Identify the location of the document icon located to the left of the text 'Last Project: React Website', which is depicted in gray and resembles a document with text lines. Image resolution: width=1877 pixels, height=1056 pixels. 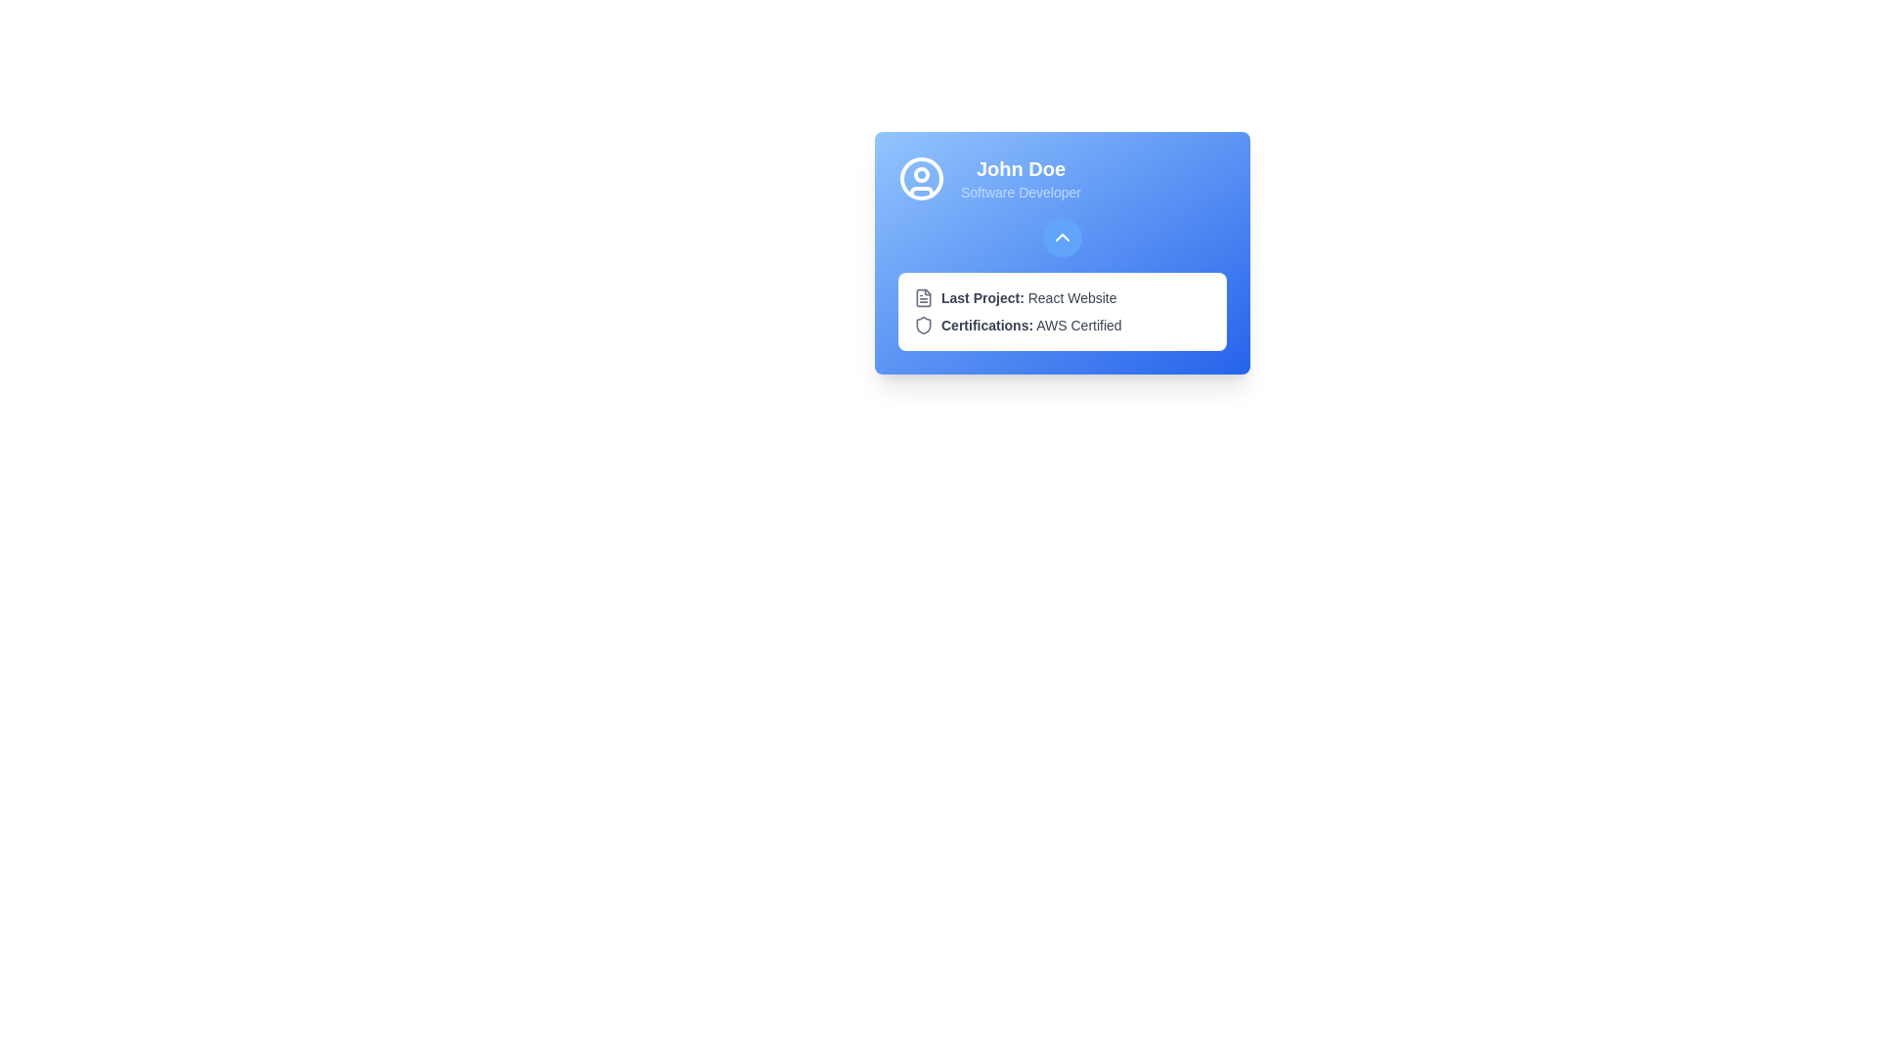
(923, 297).